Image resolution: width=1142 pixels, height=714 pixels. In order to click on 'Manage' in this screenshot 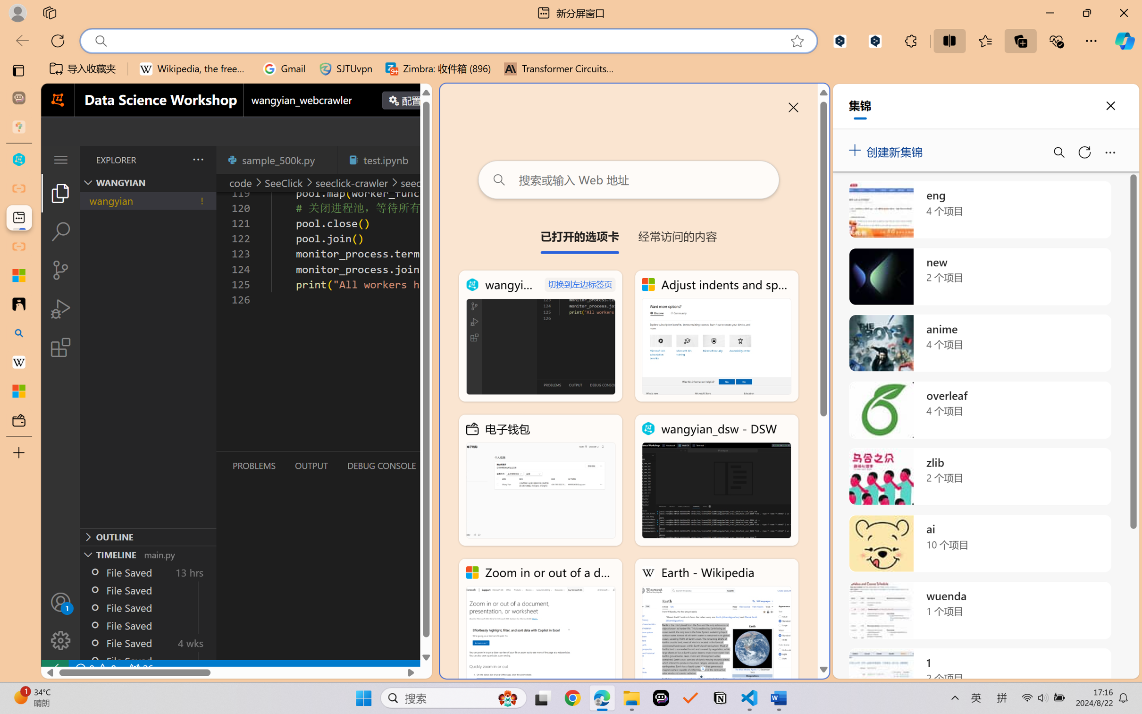, I will do `click(60, 620)`.